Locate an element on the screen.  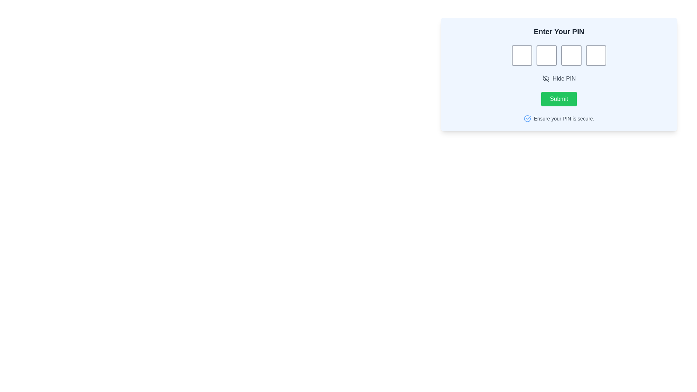
the text element displaying the message 'Ensure your PIN is secure.' located below the 'Submit' button in the PIN input area is located at coordinates (564, 118).